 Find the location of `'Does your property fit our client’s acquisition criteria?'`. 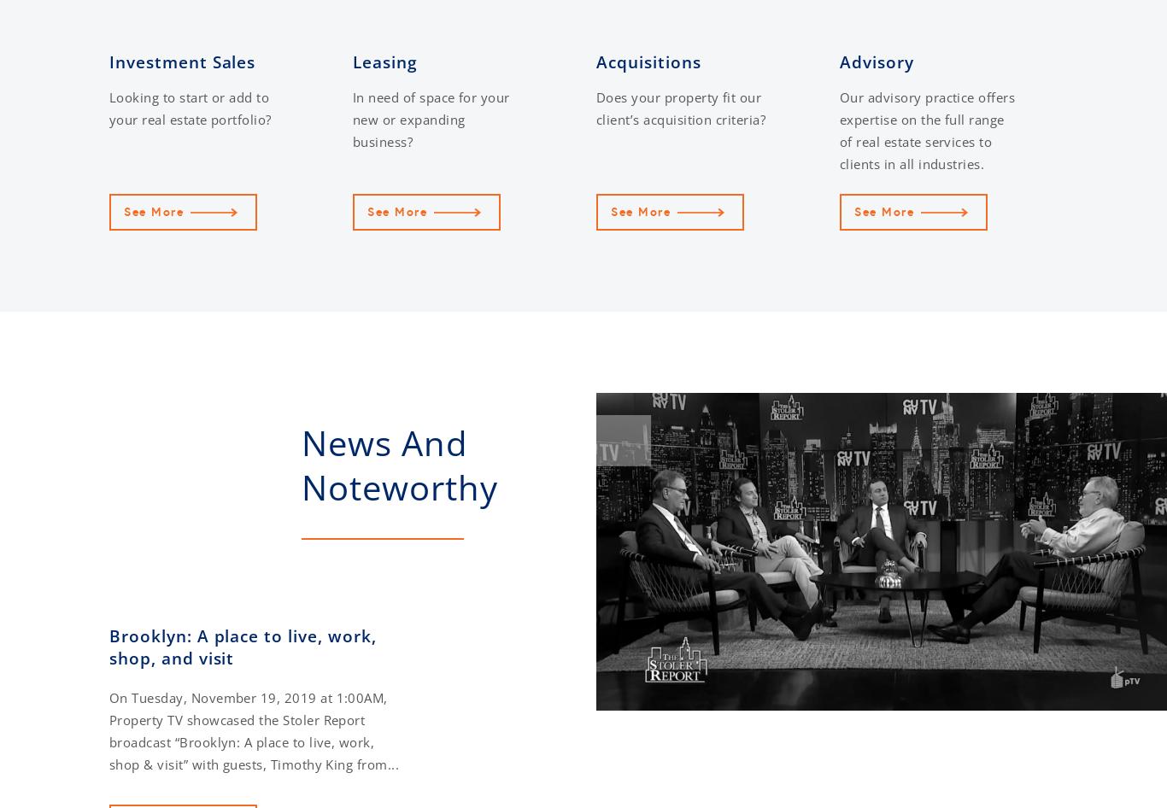

'Does your property fit our client’s acquisition criteria?' is located at coordinates (681, 107).